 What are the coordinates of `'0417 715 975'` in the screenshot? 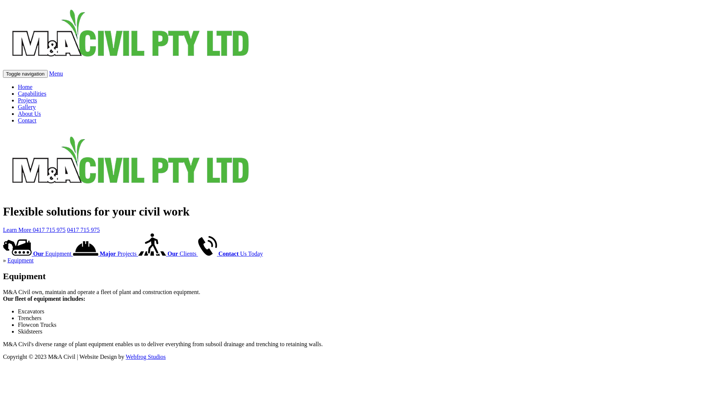 It's located at (67, 229).